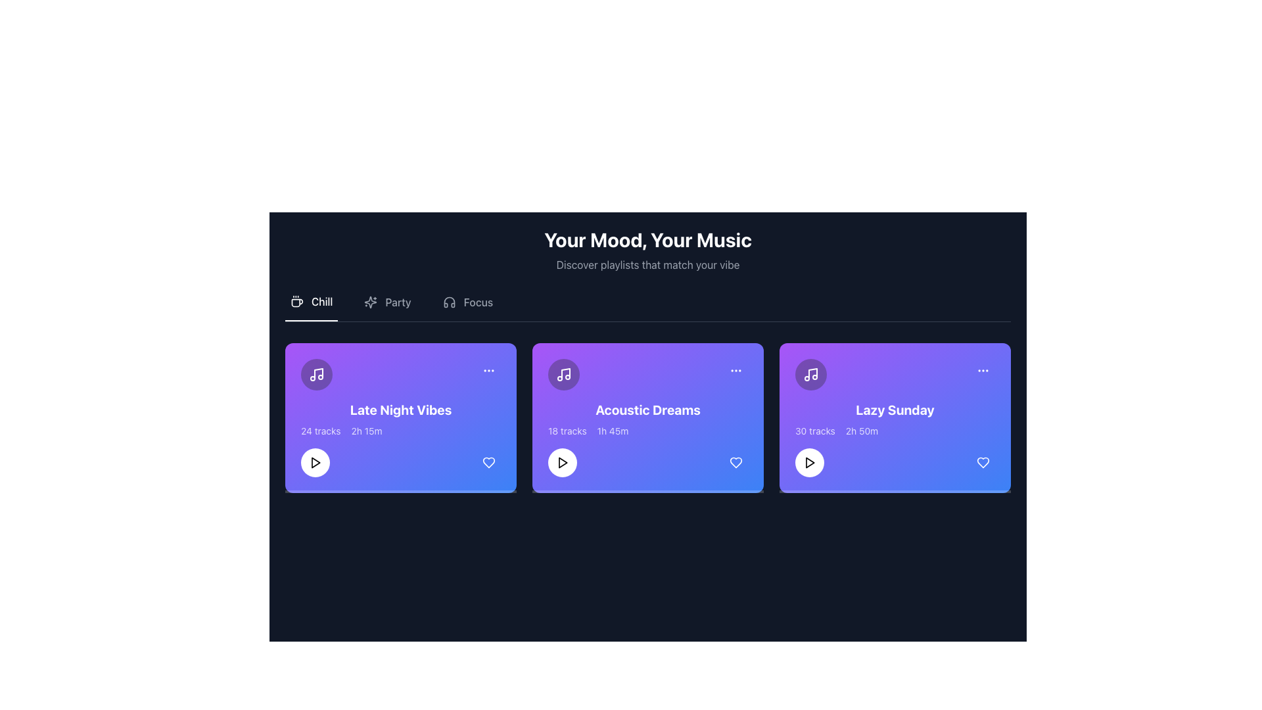 This screenshot has height=710, width=1262. Describe the element at coordinates (612, 431) in the screenshot. I see `duration information displayed on the text label that reads '1h 45m', which is styled with white font over a purple gradient background and is located next to '18 tracks' in the 'Acoustic Dreams' card` at that location.